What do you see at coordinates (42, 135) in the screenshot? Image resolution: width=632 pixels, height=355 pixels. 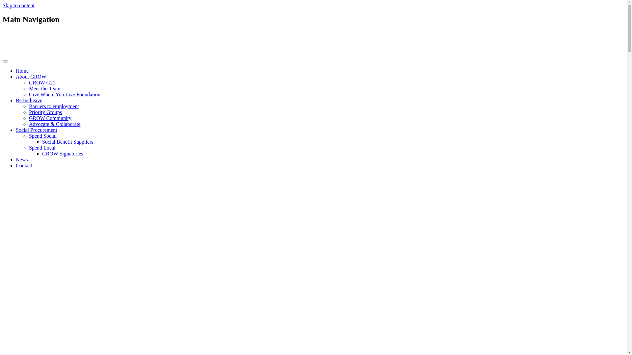 I see `'Spend Social'` at bounding box center [42, 135].